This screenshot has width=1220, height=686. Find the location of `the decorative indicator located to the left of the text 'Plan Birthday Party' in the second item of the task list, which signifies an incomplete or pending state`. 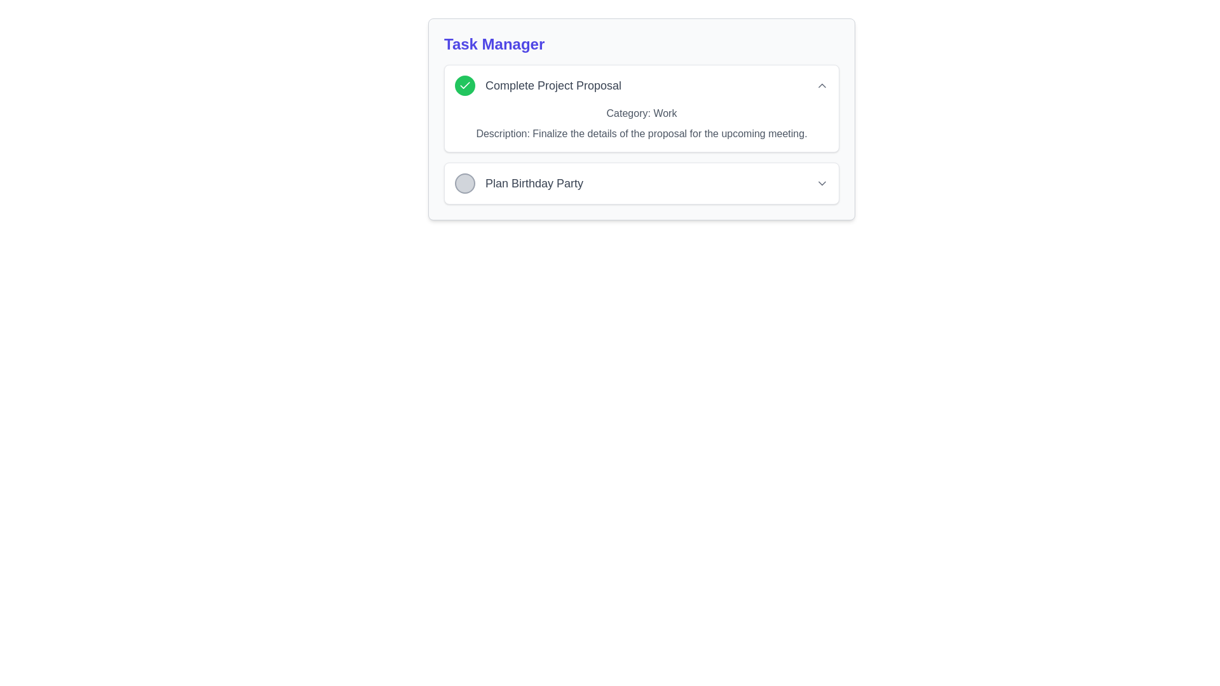

the decorative indicator located to the left of the text 'Plan Birthday Party' in the second item of the task list, which signifies an incomplete or pending state is located at coordinates (464, 184).